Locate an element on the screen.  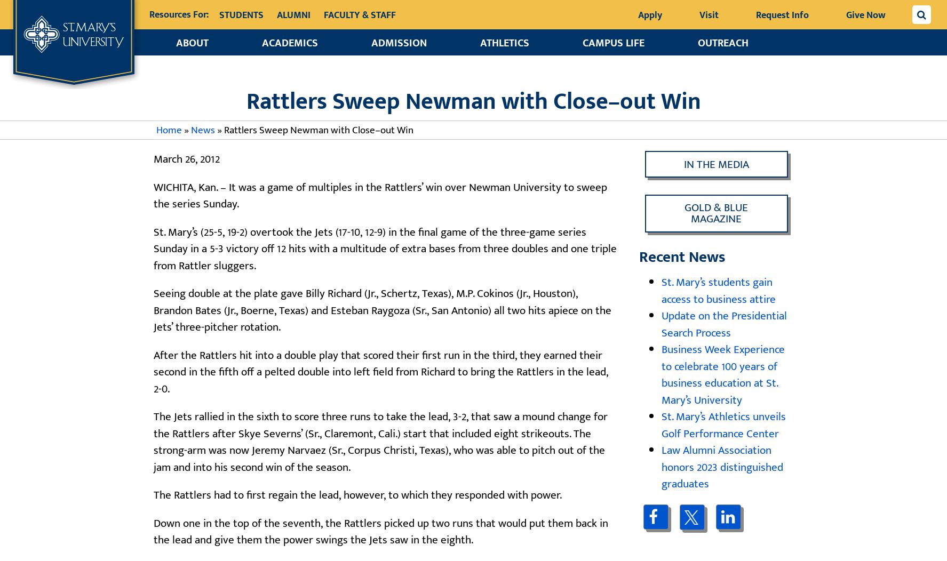
'Admission' is located at coordinates (370, 43).